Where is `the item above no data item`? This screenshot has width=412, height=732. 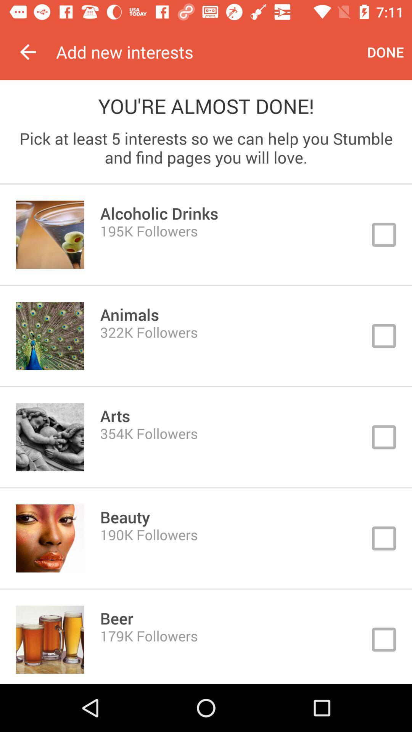 the item above no data item is located at coordinates (208, 51).